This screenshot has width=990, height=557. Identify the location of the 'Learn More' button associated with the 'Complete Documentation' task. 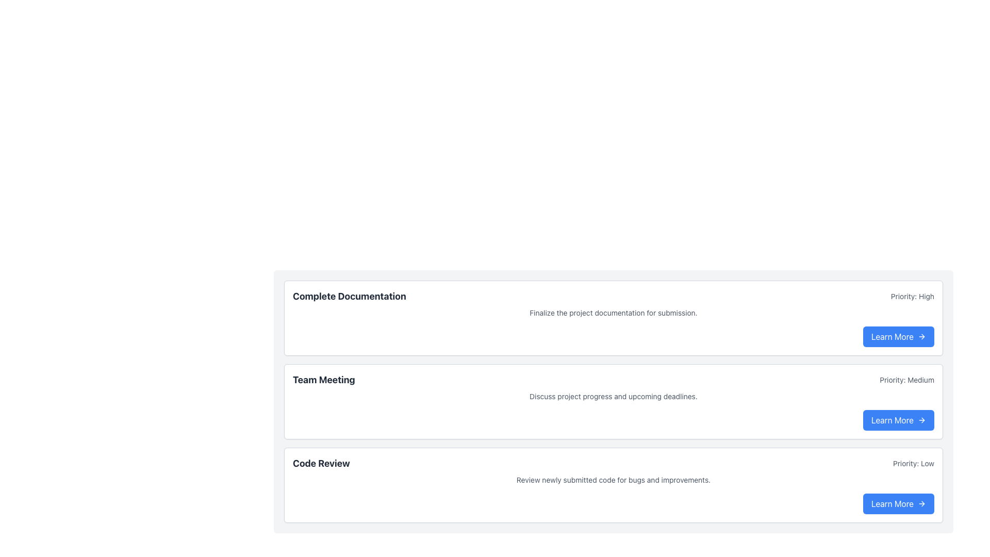
(898, 336).